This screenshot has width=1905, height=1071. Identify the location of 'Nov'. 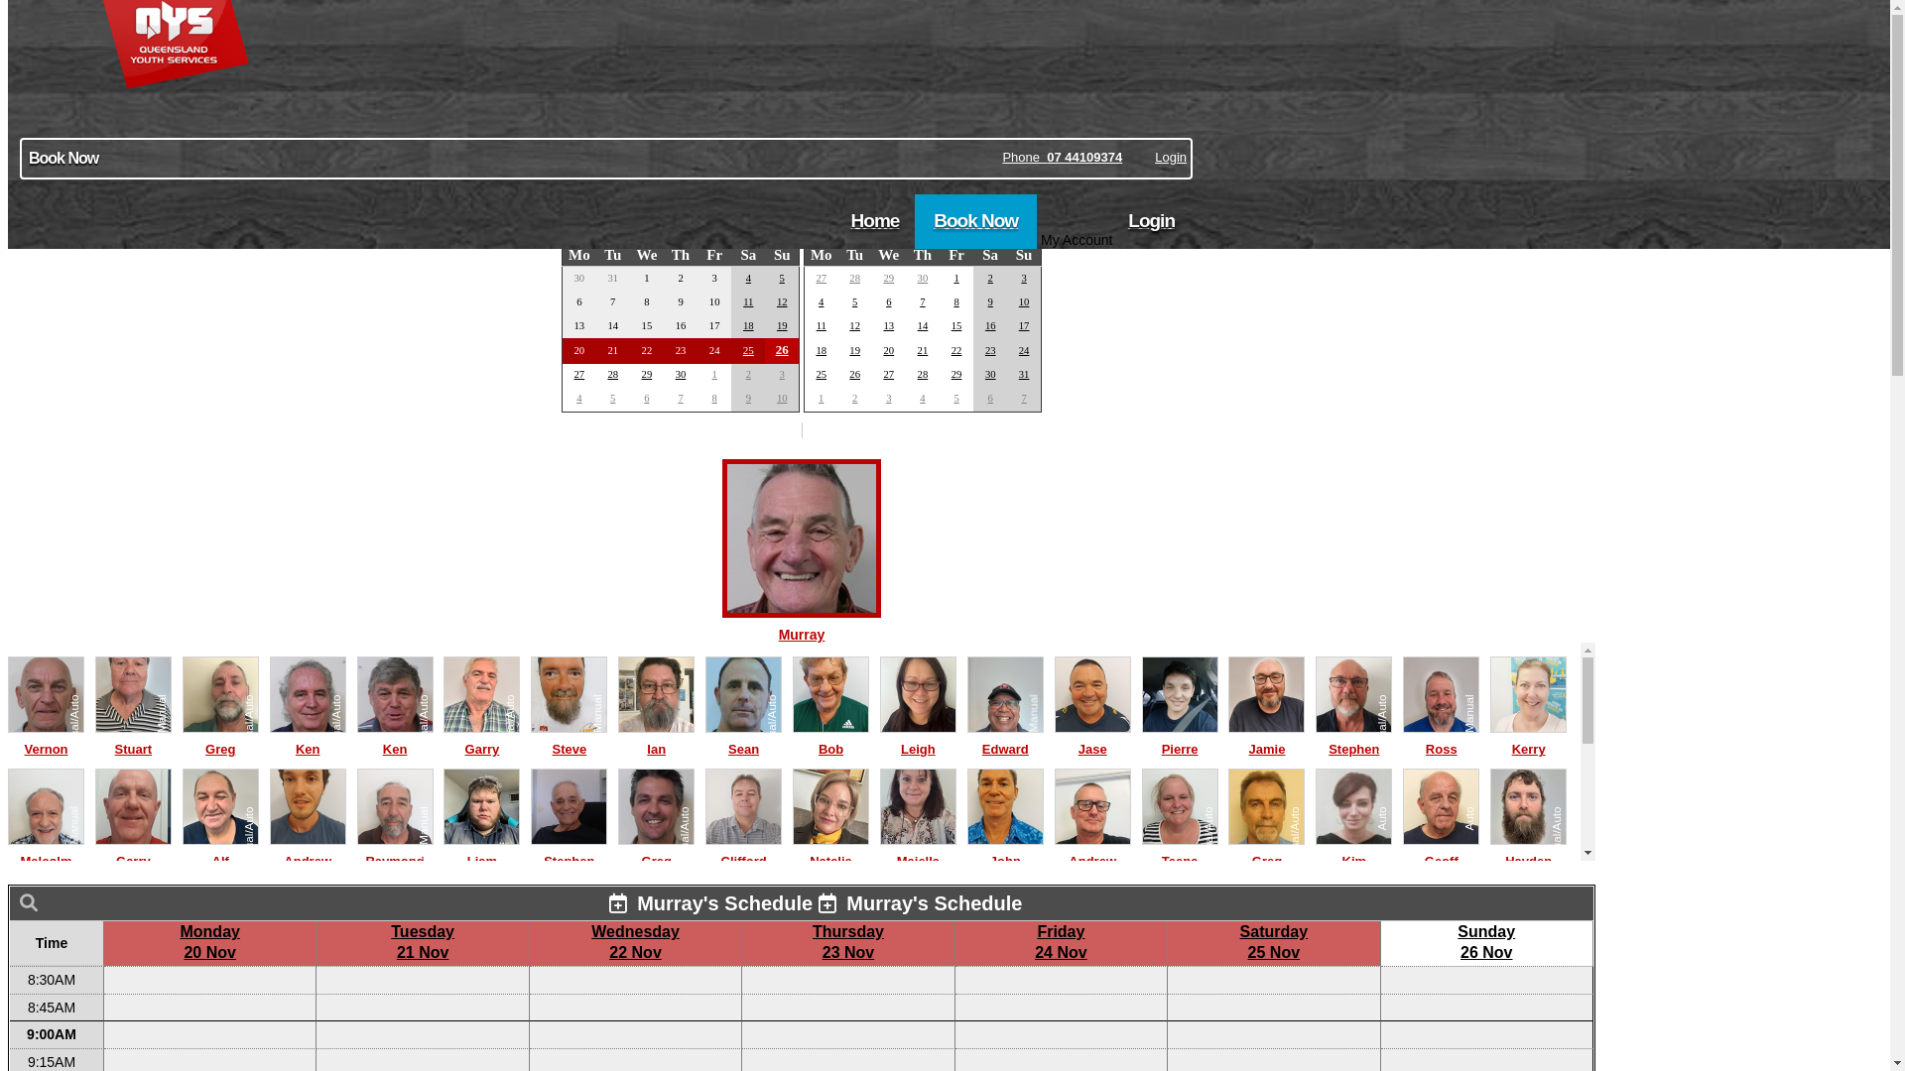
(814, 227).